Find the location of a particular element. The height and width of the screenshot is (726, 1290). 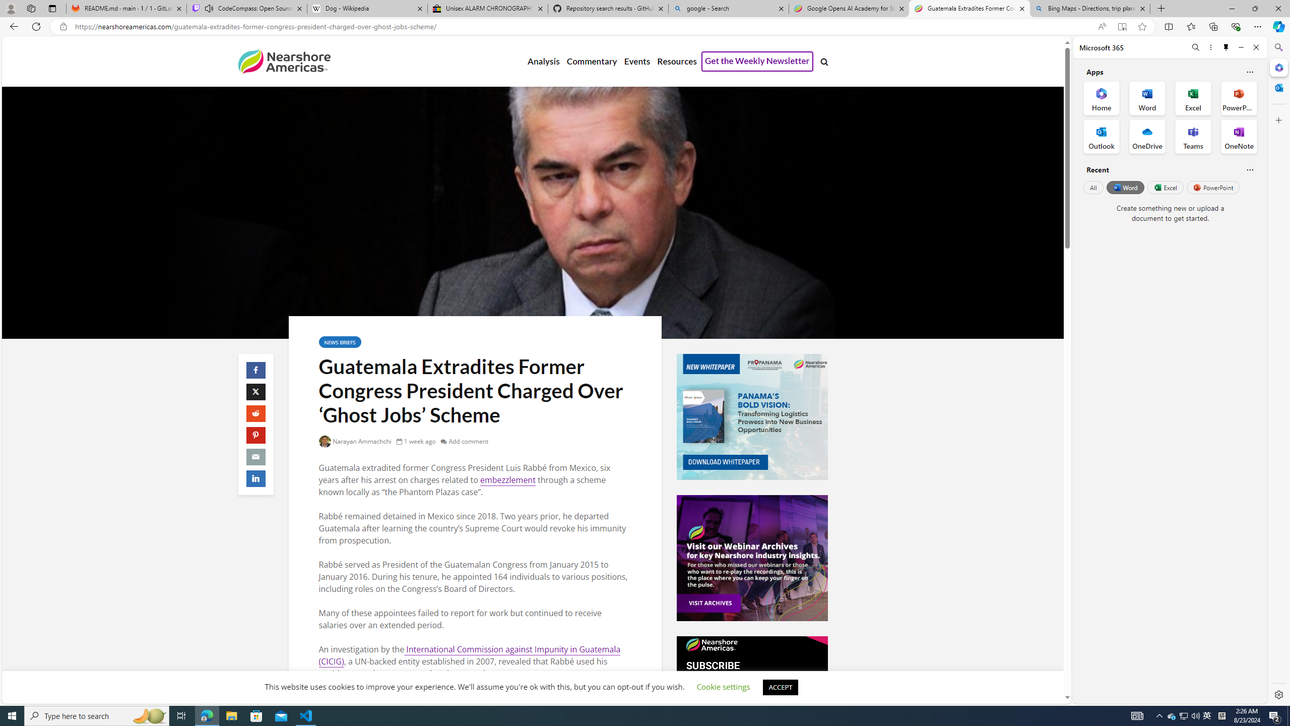

'Get the Weekly Newsletter' is located at coordinates (756, 62).